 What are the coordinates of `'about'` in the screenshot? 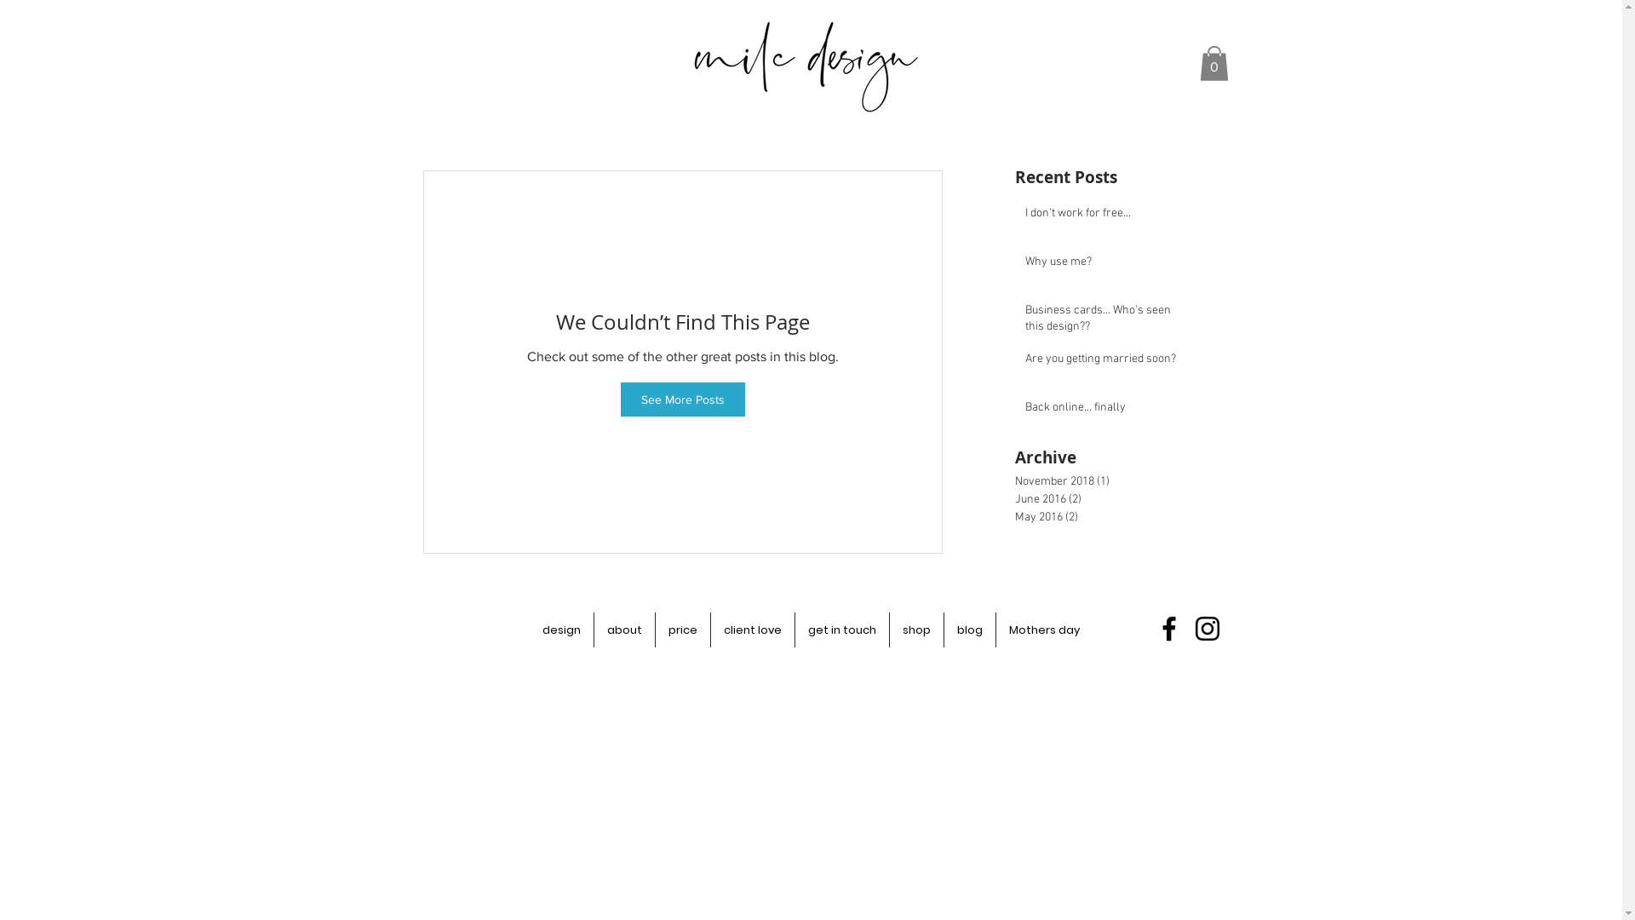 It's located at (623, 630).